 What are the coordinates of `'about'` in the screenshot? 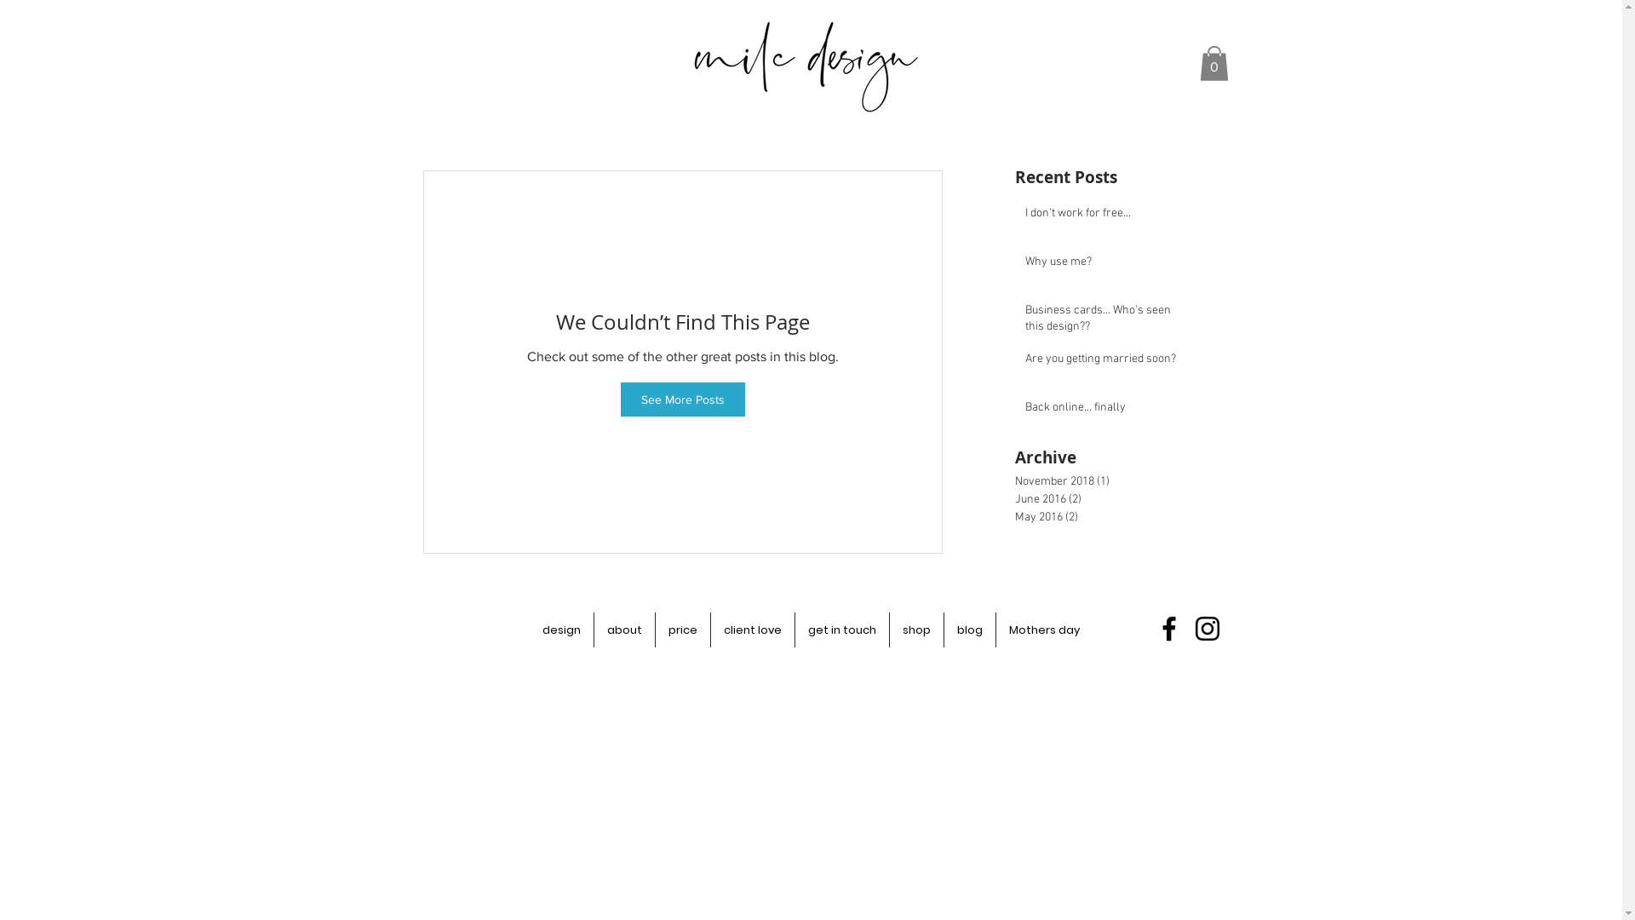 It's located at (623, 630).